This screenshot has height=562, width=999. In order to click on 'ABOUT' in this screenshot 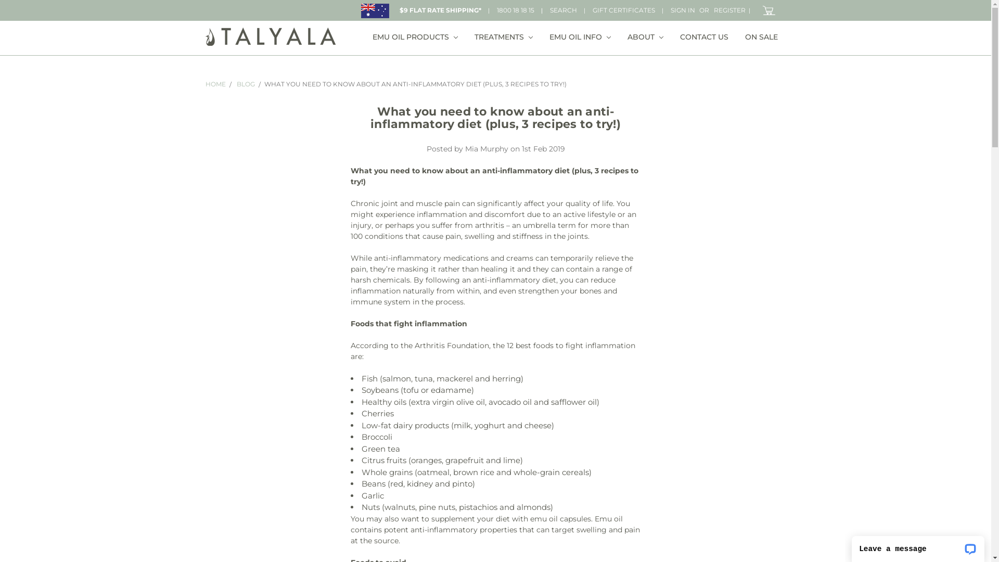, I will do `click(619, 37)`.